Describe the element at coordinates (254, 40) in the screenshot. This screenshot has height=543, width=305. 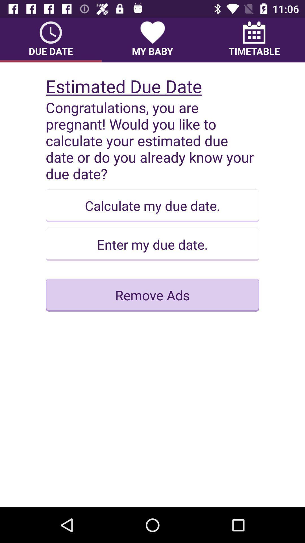
I see `the timetable icon` at that location.